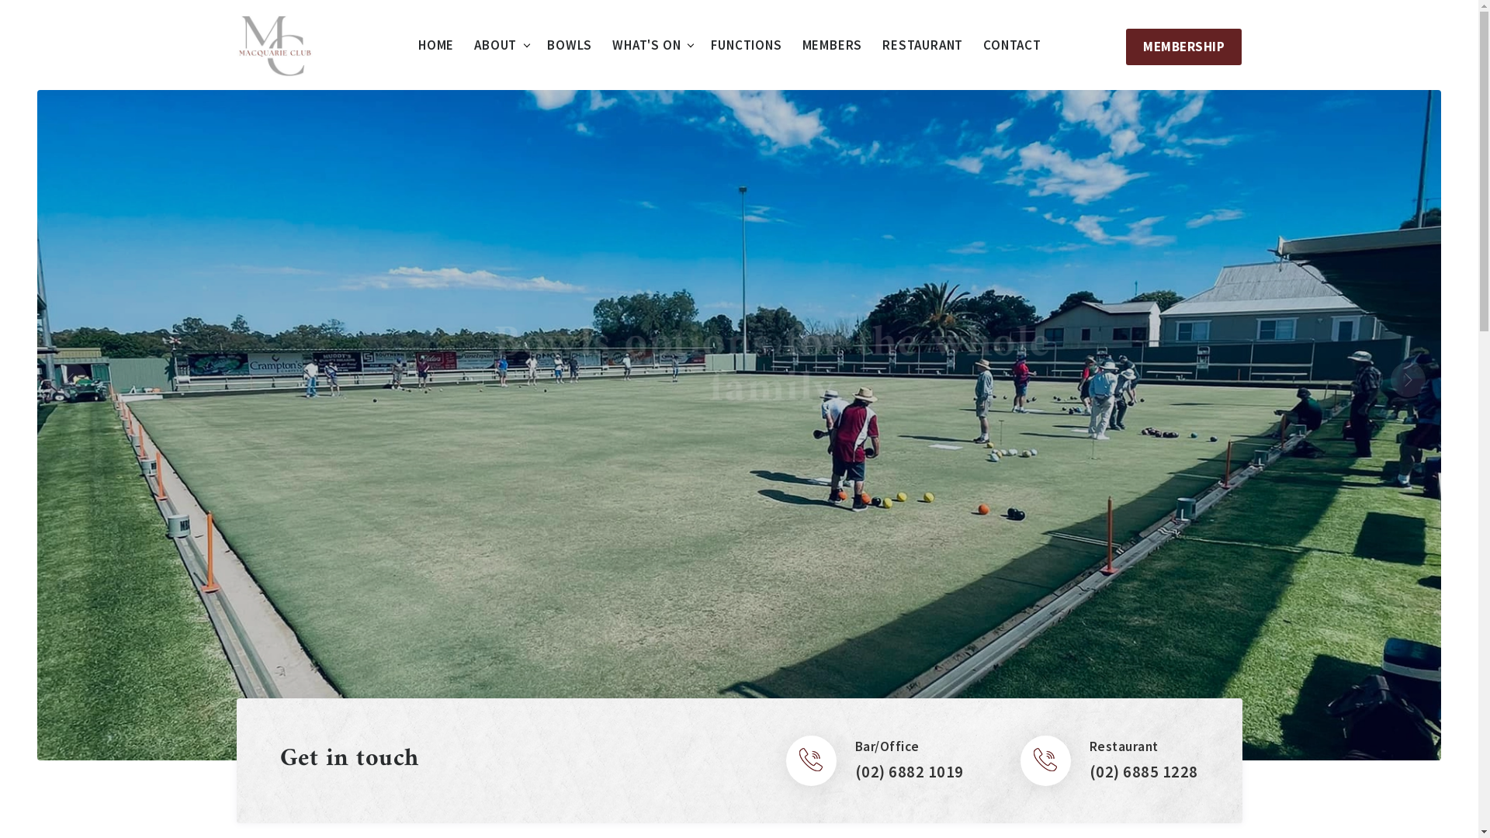 The width and height of the screenshot is (1490, 838). I want to click on 'WHAT'S ON', so click(646, 44).